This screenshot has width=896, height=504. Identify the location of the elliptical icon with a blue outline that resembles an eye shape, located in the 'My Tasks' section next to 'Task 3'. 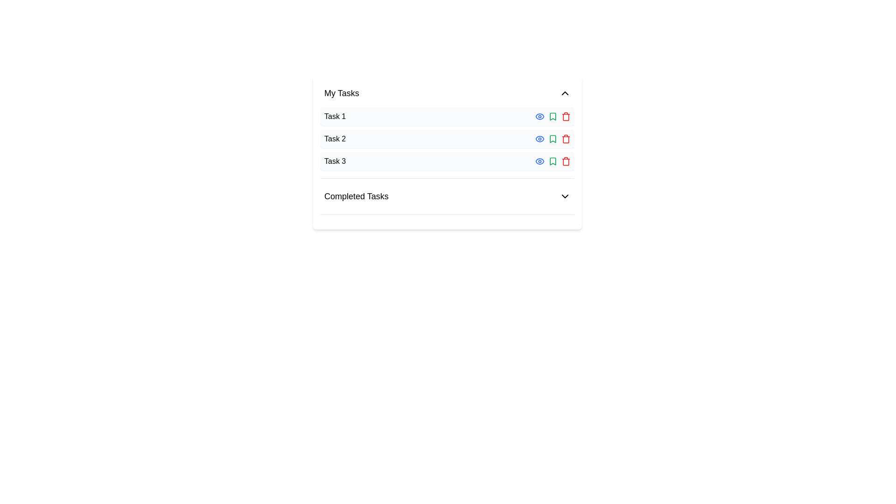
(539, 139).